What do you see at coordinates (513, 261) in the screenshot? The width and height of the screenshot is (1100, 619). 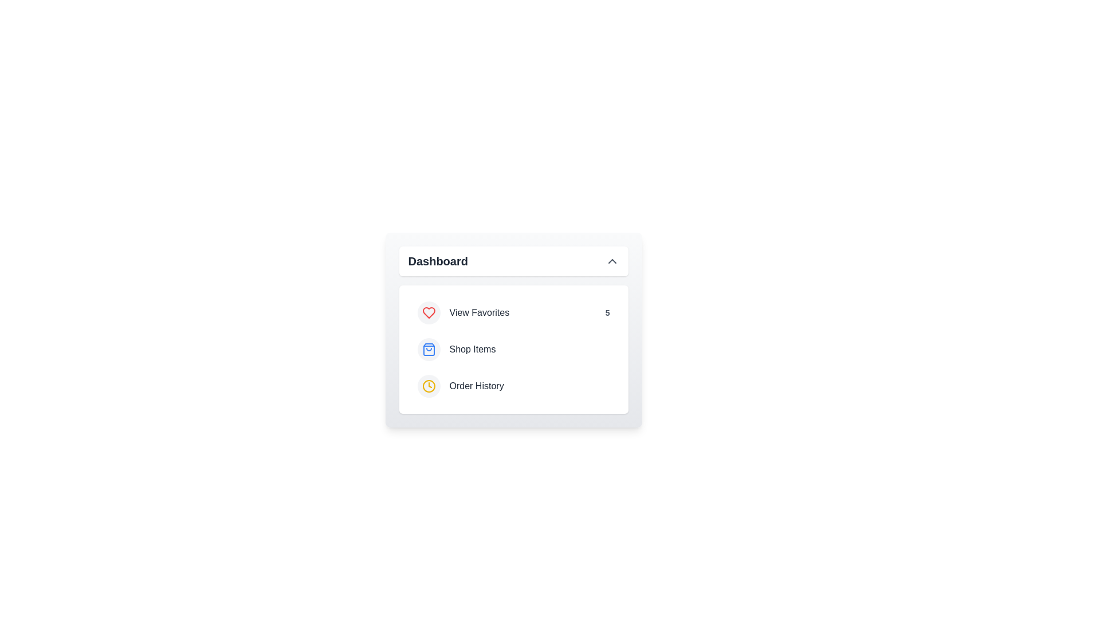 I see `the toggle button to expand or collapse the menu` at bounding box center [513, 261].